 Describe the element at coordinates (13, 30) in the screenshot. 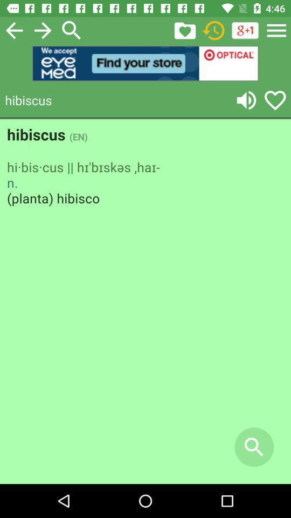

I see `previous` at that location.